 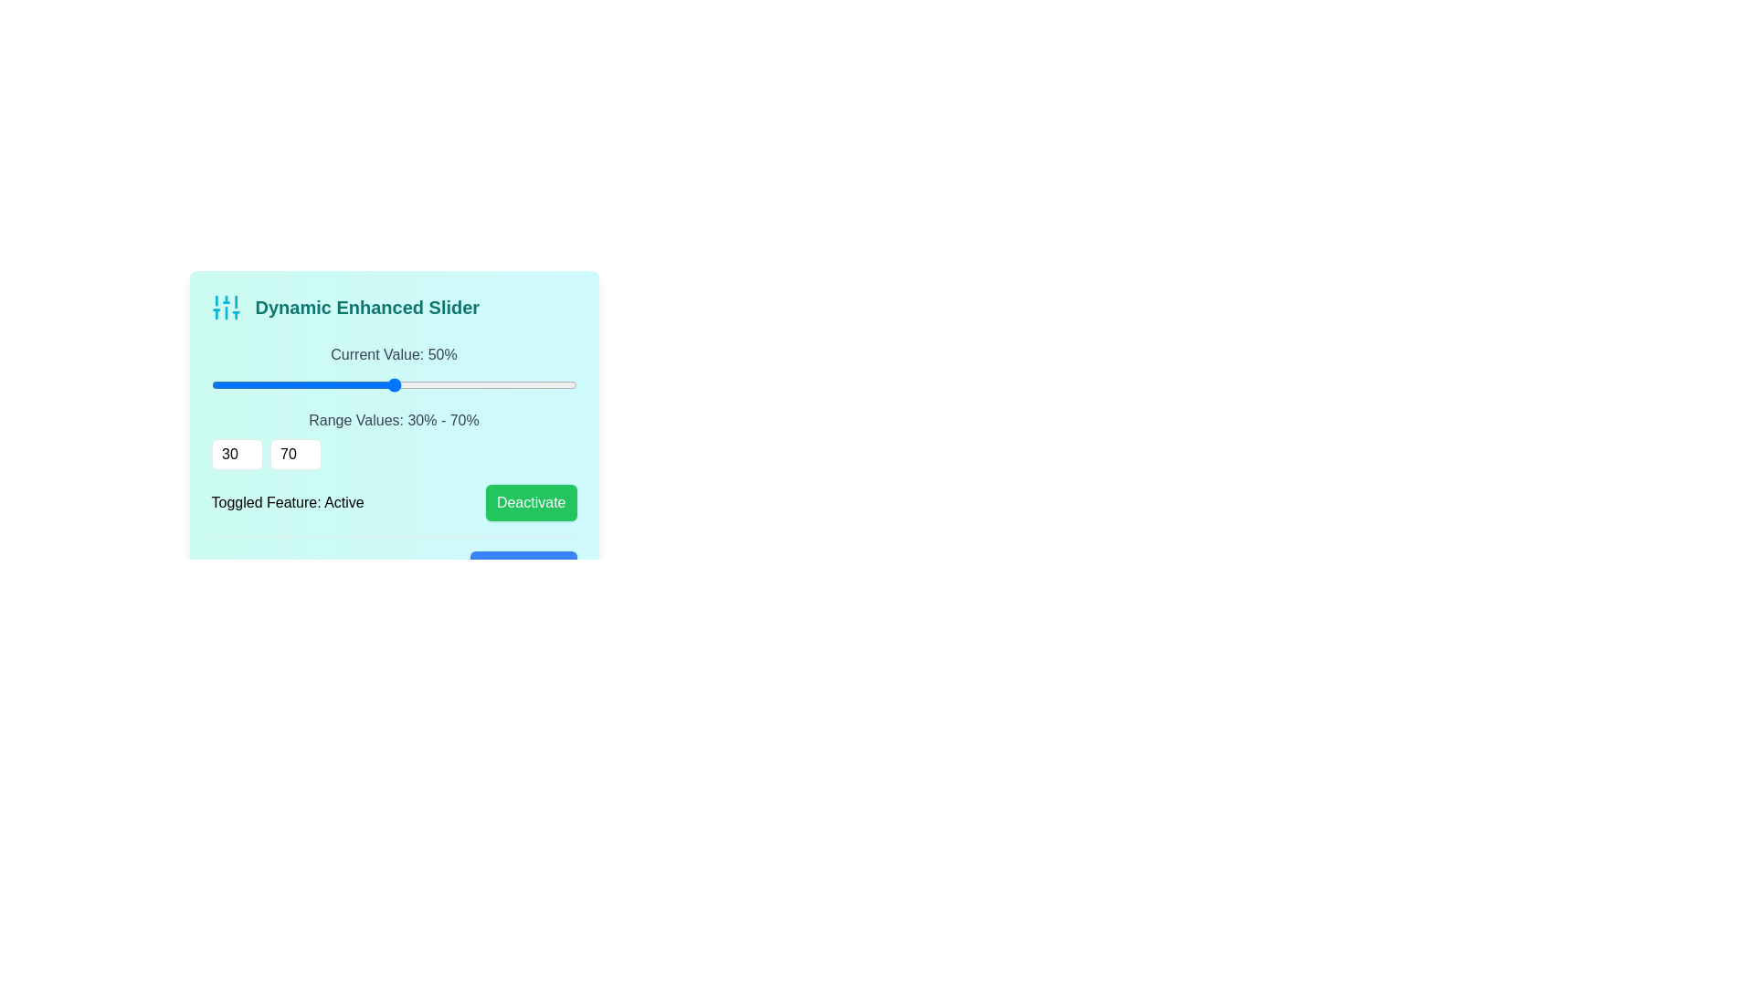 What do you see at coordinates (393, 440) in the screenshot?
I see `the bold text label stating 'Range Values: 30% - 70%' which is positioned above two number input boxes and below the slider labeled 'Current Value: 50%'` at bounding box center [393, 440].